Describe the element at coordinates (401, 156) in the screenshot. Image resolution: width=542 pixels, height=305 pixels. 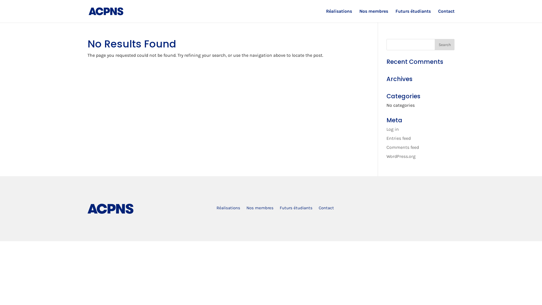
I see `'WordPress.org'` at that location.